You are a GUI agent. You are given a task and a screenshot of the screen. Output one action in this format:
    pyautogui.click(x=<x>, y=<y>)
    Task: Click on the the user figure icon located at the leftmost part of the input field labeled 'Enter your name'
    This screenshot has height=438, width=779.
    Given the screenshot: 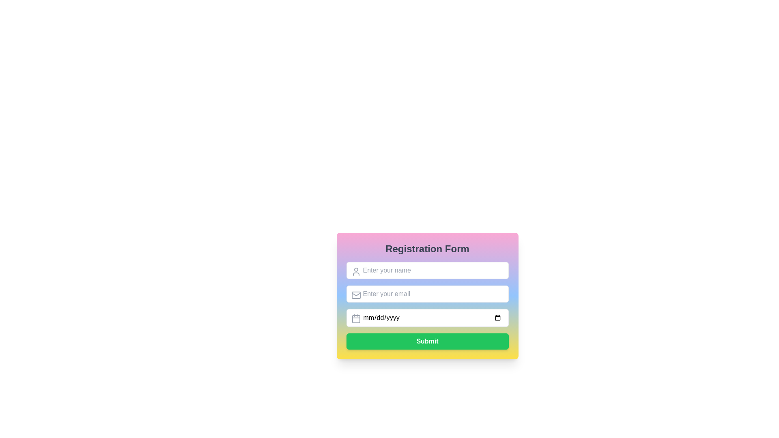 What is the action you would take?
    pyautogui.click(x=356, y=272)
    